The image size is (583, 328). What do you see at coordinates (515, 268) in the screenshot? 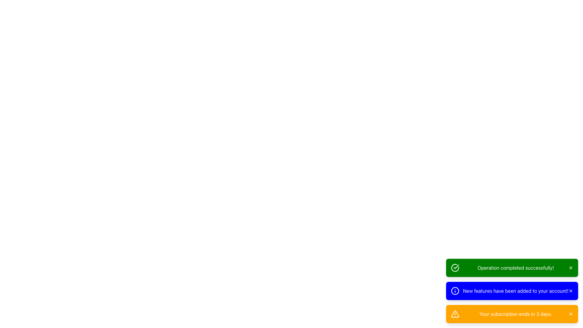
I see `the text label displaying 'Operation completed successfully!' in the topmost notification bar located at the bottom-right corner of the display` at bounding box center [515, 268].